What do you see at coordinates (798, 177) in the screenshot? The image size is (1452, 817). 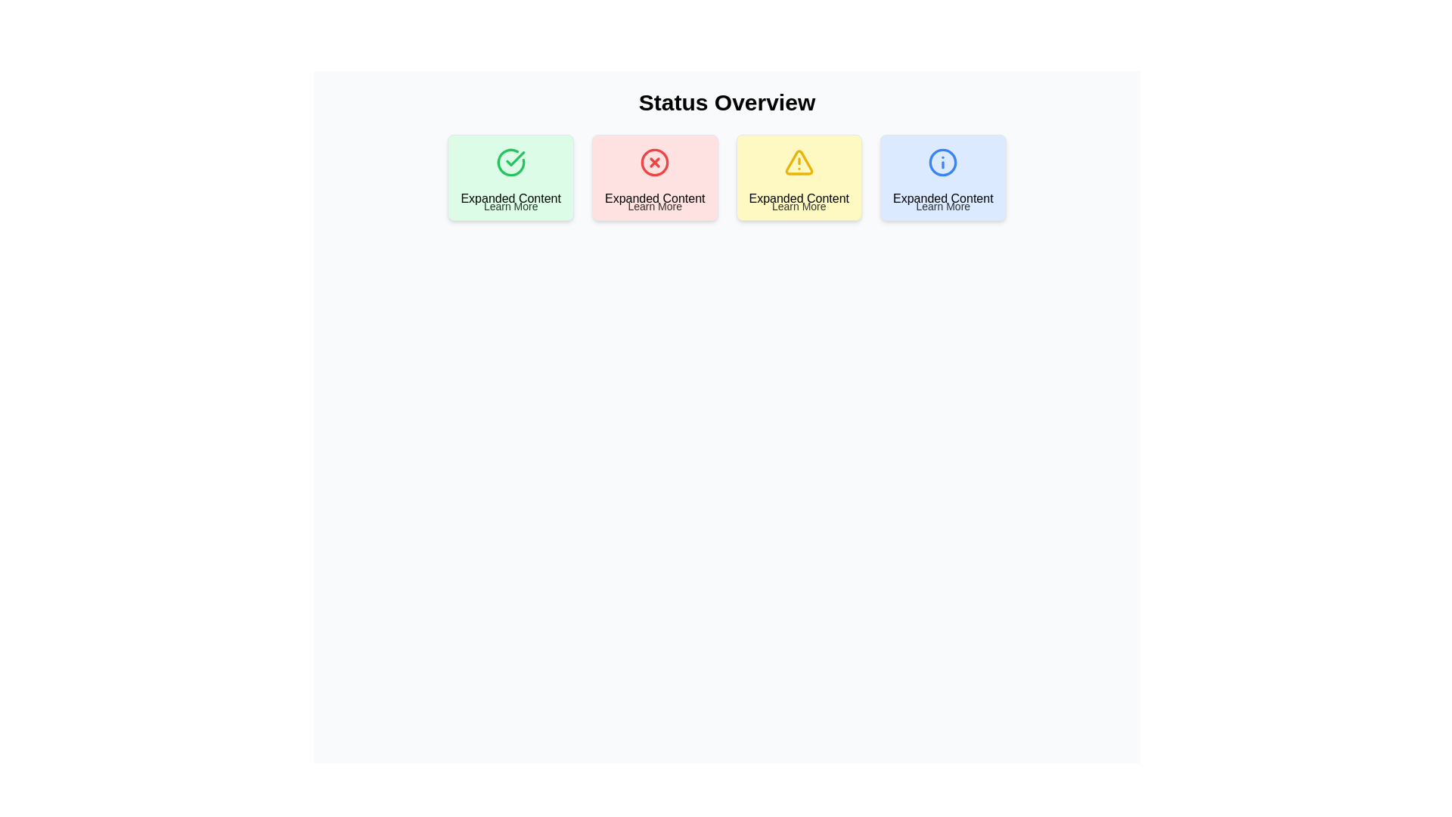 I see `the interactive card with a yellow background that serves as a status indicator and contains a 'Learn More' link, located as the third element in a horizontal grid of four` at bounding box center [798, 177].